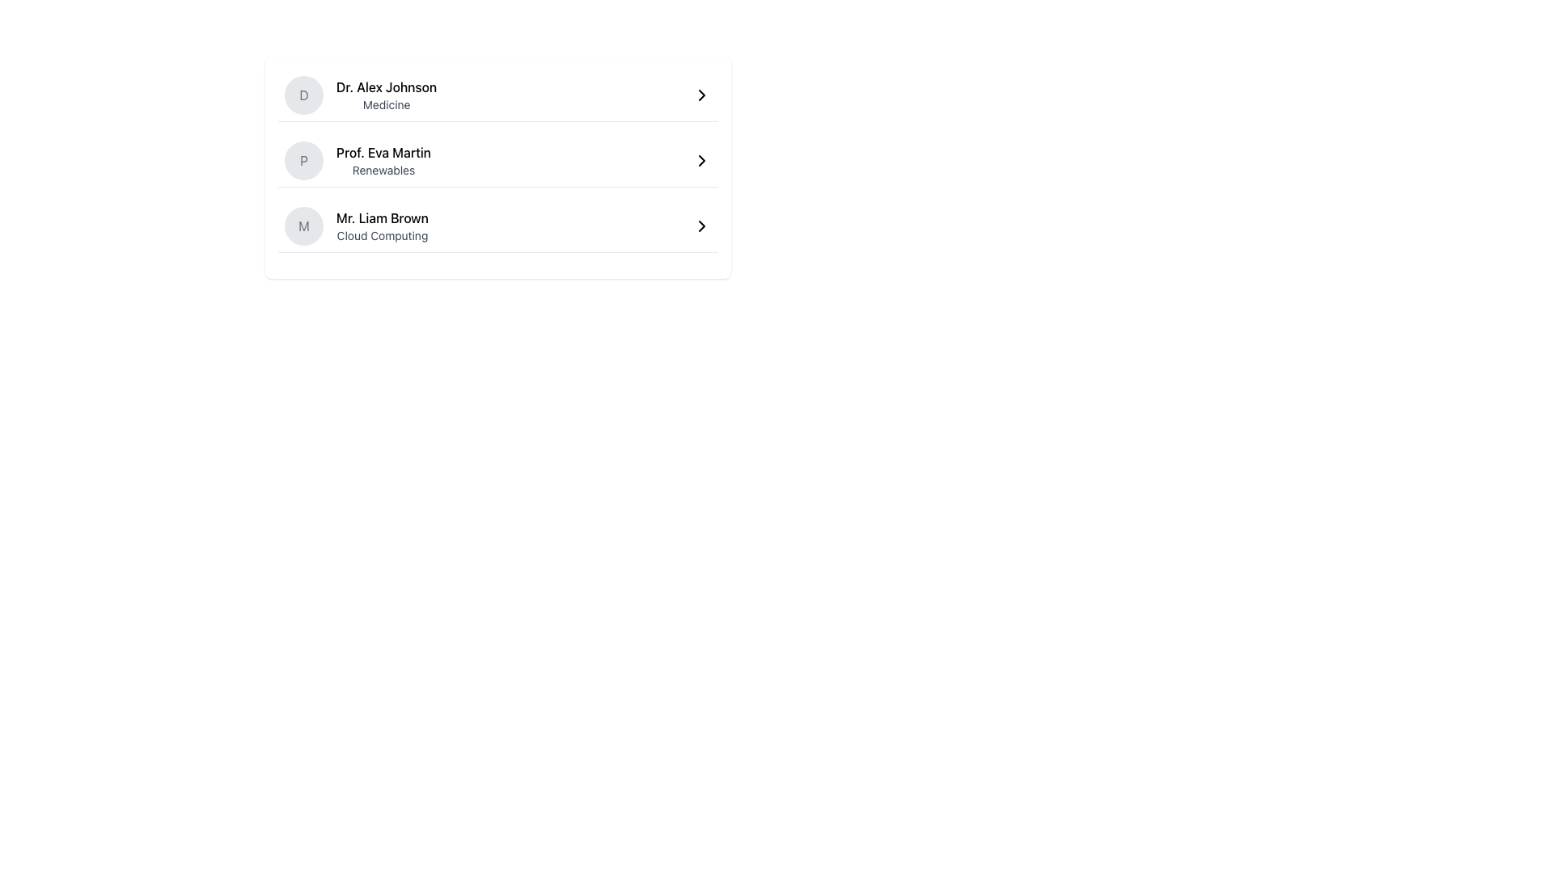  Describe the element at coordinates (381, 218) in the screenshot. I see `the text label reading 'Mr. Liam Brown' located in the third row of a vertical list, which is styled with medium font weight and is positioned above 'Cloud Computing'` at that location.